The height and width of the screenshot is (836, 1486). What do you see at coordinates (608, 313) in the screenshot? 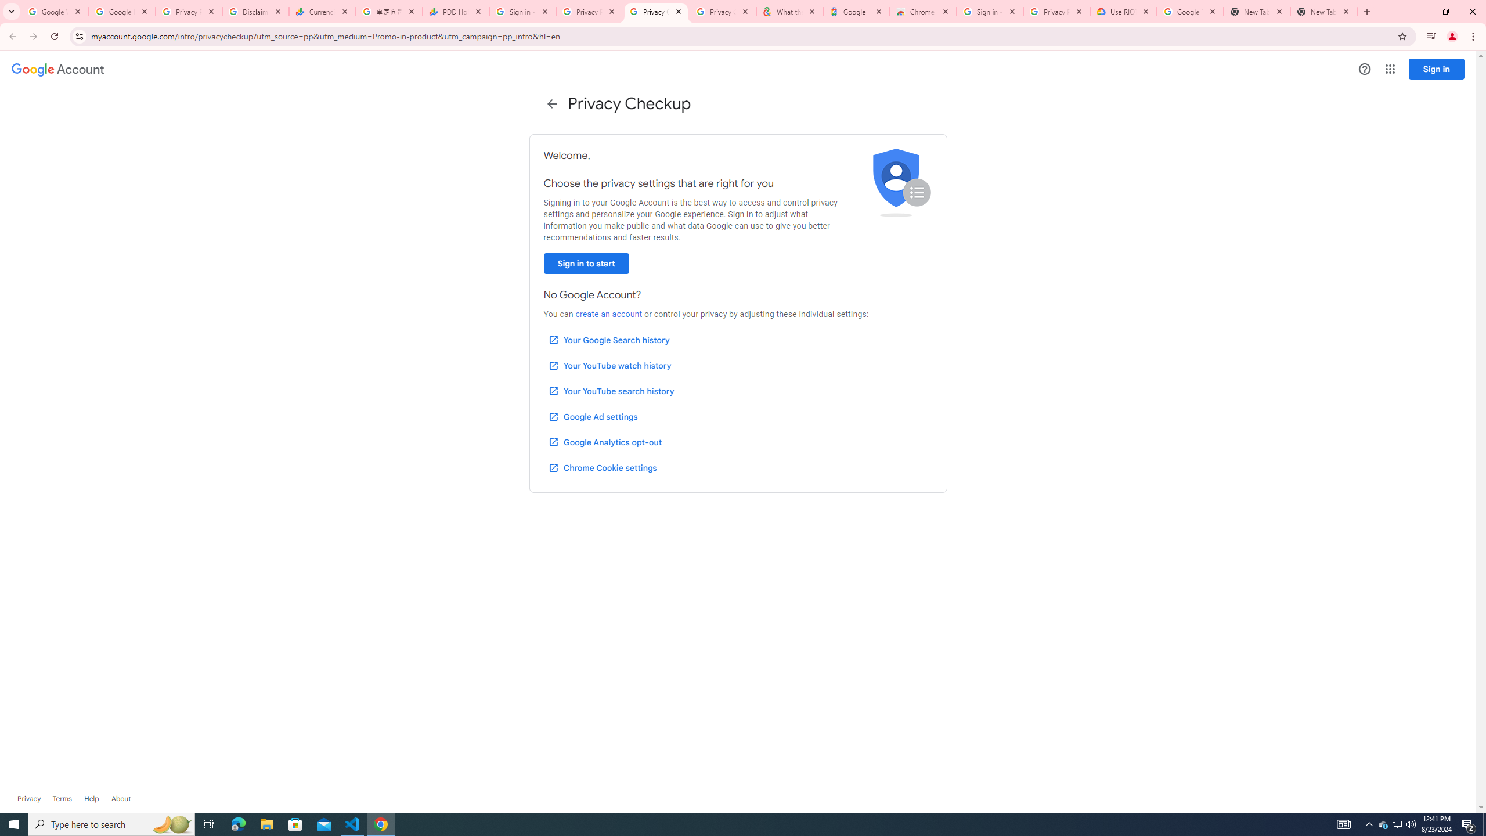
I see `'create an account'` at bounding box center [608, 313].